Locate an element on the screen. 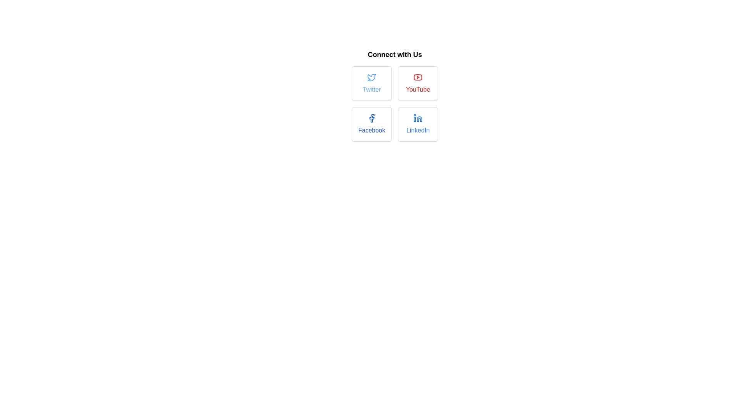 Image resolution: width=739 pixels, height=416 pixels. the Twitter icon located in the top-left button of the 2x2 grid under the 'Connect with Us' heading is located at coordinates (371, 77).